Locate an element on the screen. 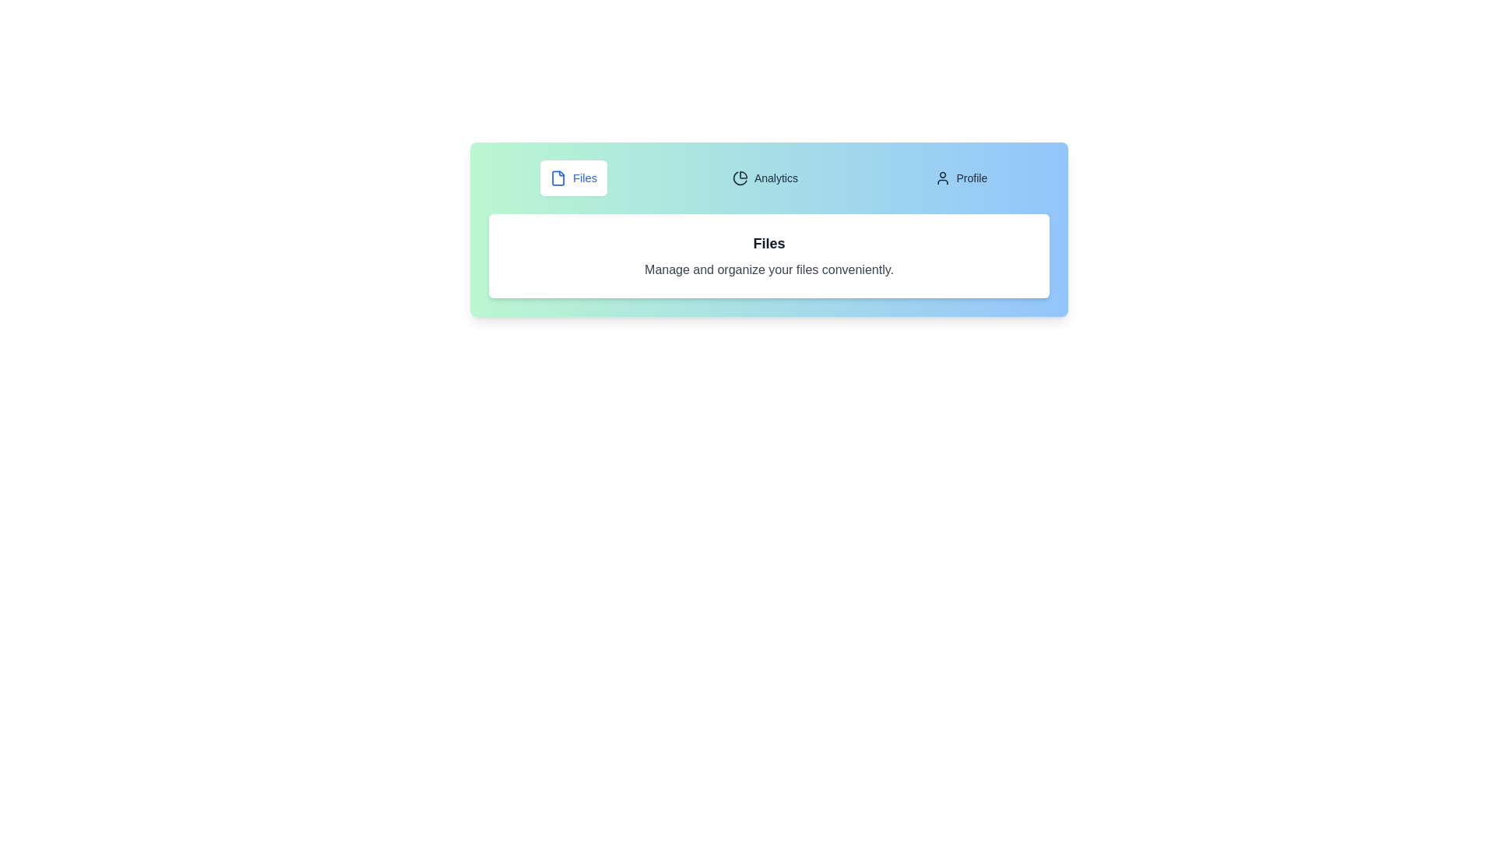 The image size is (1495, 841). the button labeled Analytics is located at coordinates (765, 177).